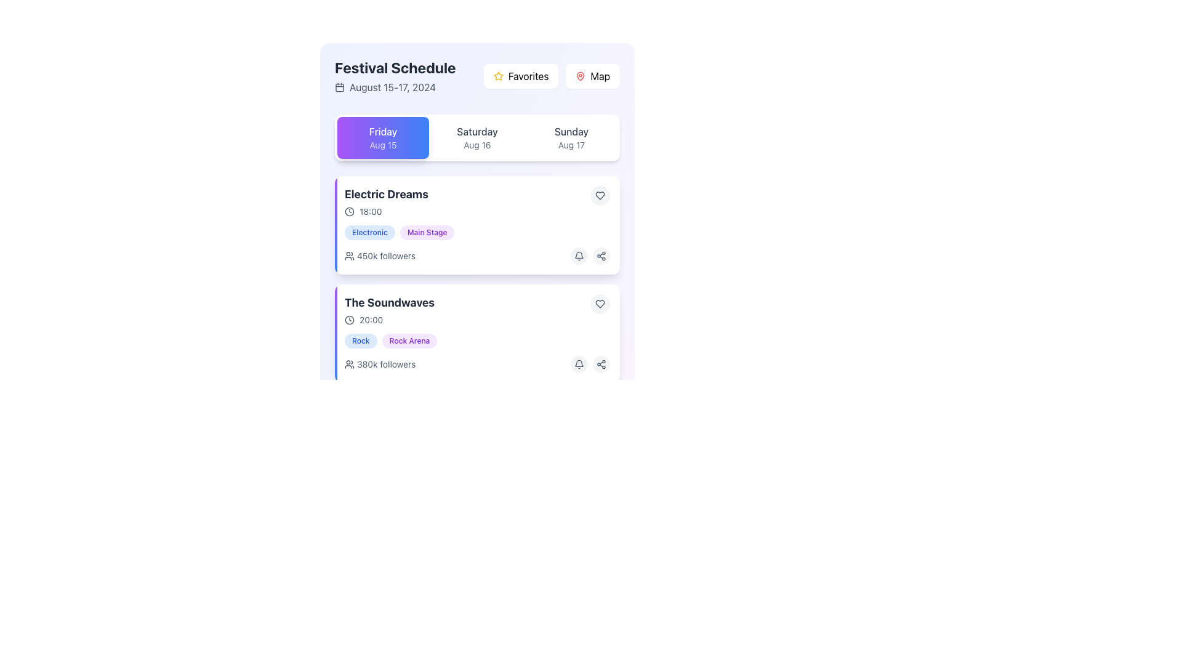  What do you see at coordinates (499, 76) in the screenshot?
I see `the star icon within the 'Favorites' button located in the top-right section of the interface, next to the 'Map' button` at bounding box center [499, 76].